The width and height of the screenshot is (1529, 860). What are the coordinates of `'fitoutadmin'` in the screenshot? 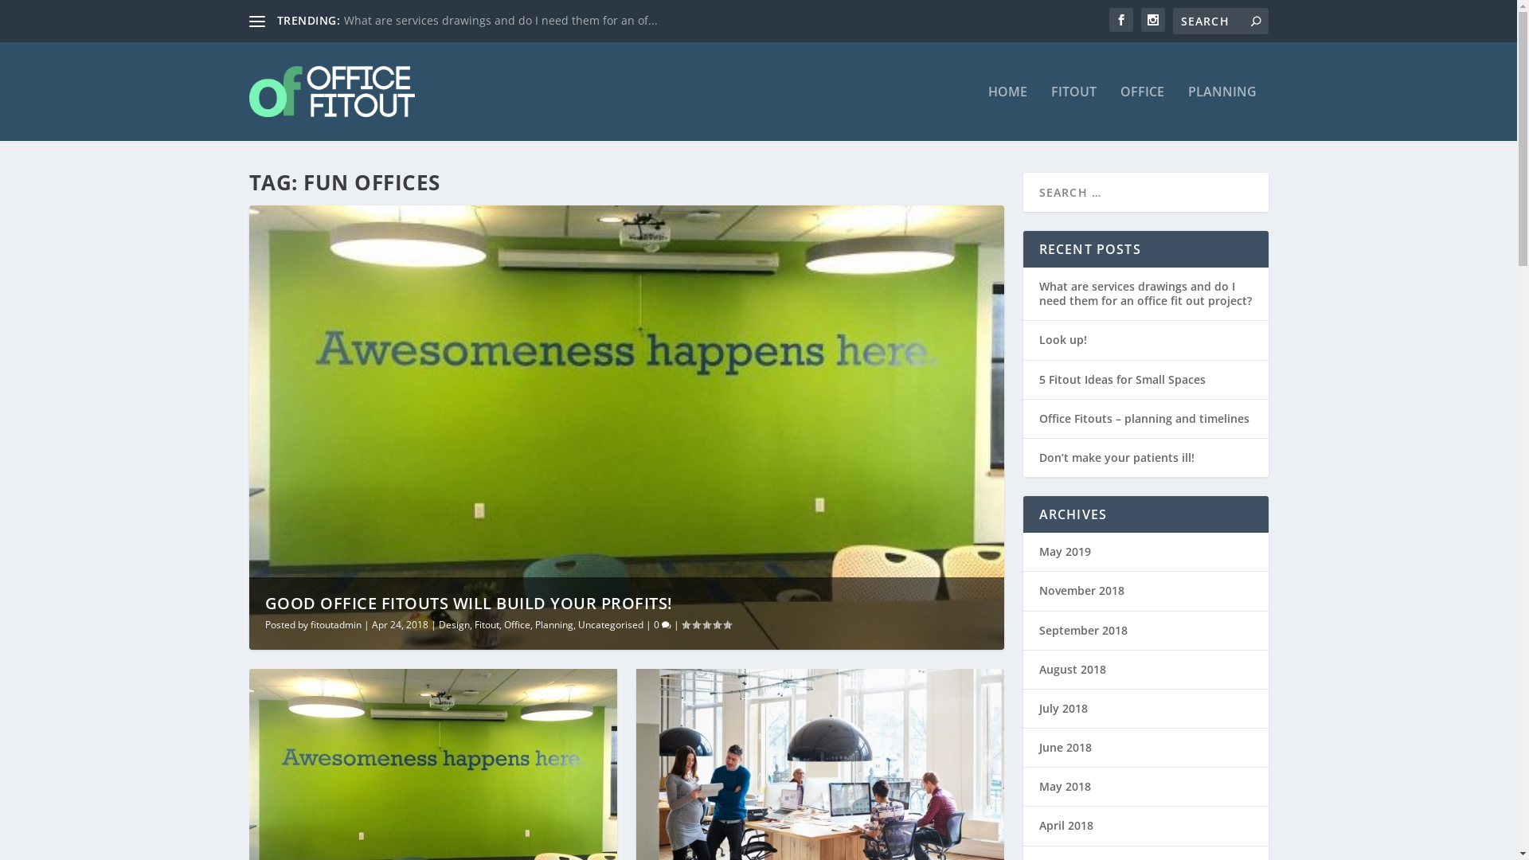 It's located at (335, 623).